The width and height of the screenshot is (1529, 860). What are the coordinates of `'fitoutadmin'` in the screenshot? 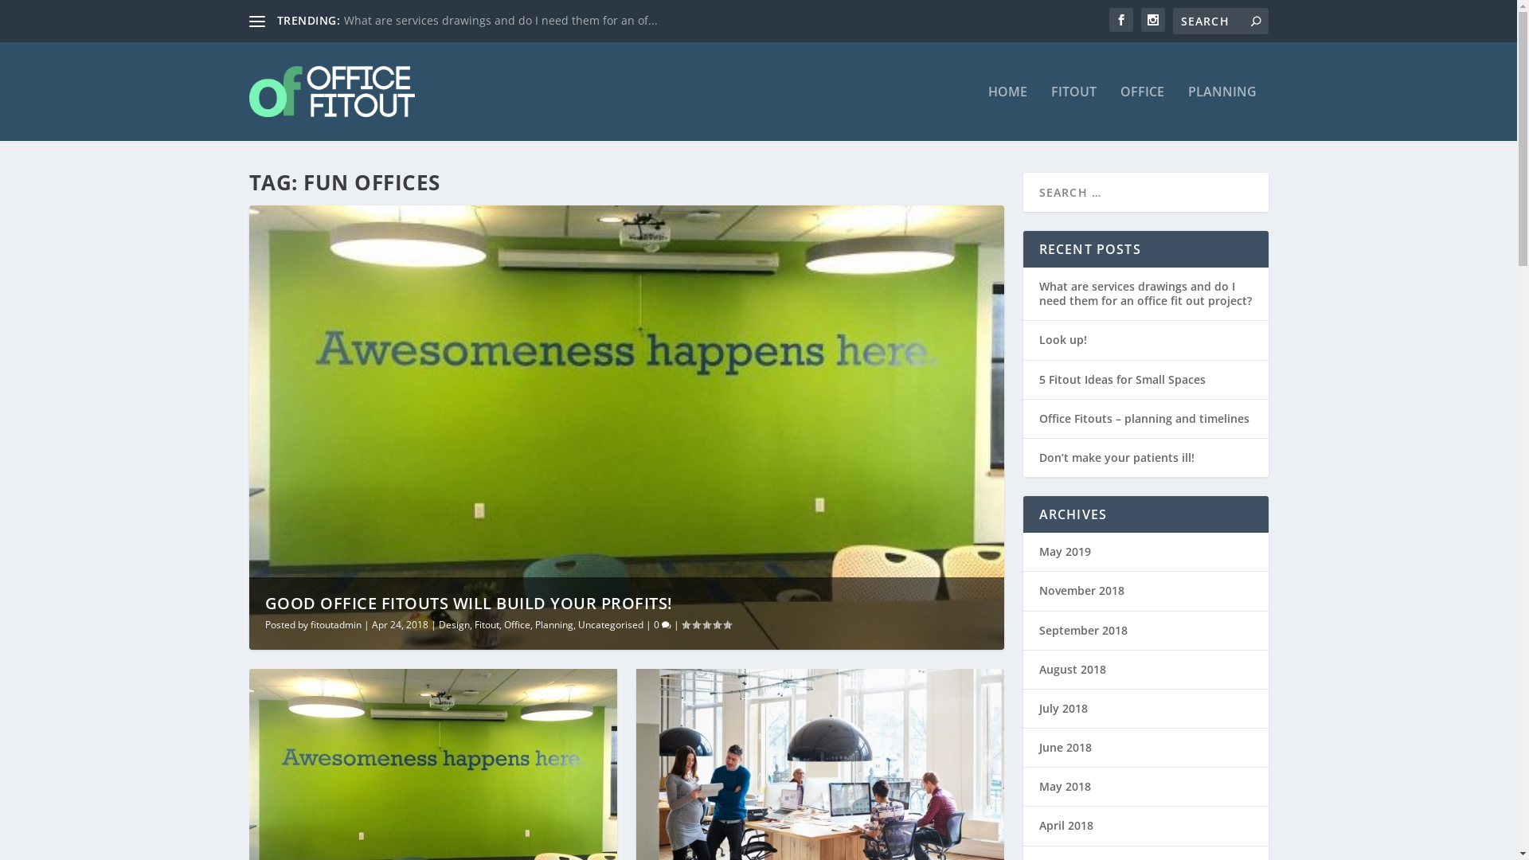 It's located at (335, 623).